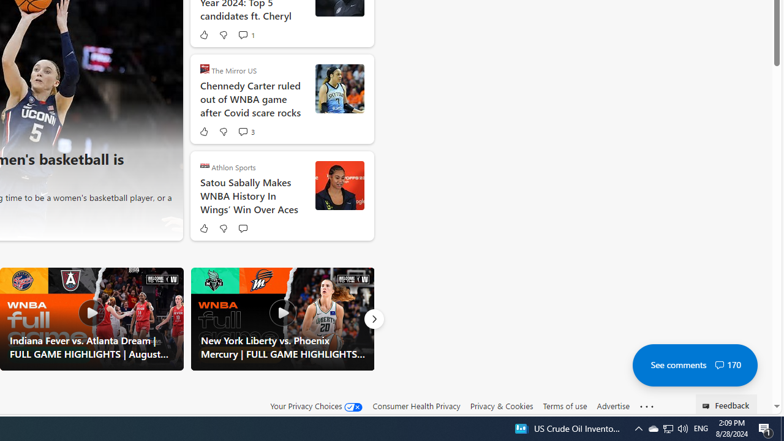  Describe the element at coordinates (203, 228) in the screenshot. I see `'Like'` at that location.